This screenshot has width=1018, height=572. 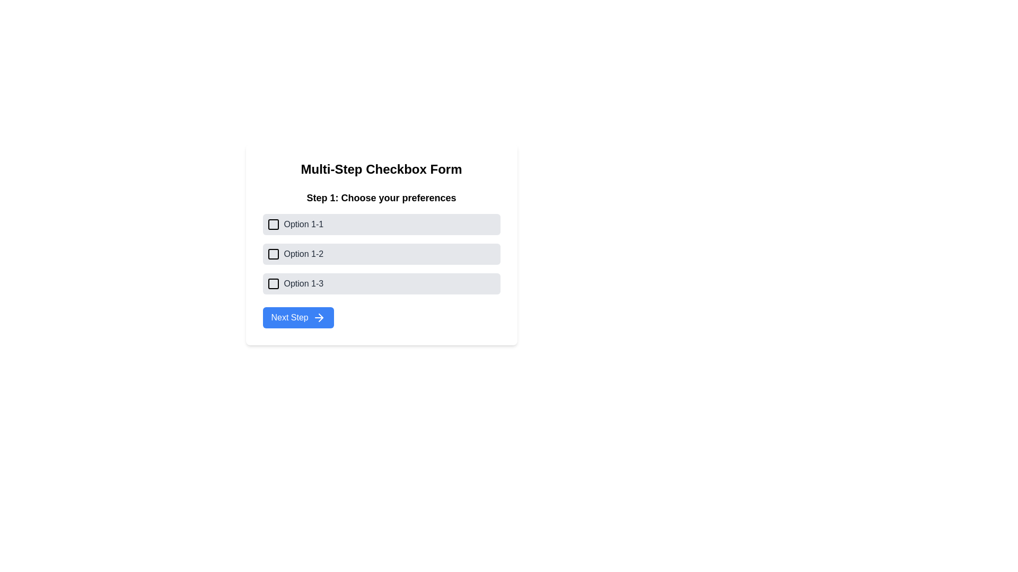 What do you see at coordinates (381, 224) in the screenshot?
I see `the Checkbox labeled 'Option 1-1'` at bounding box center [381, 224].